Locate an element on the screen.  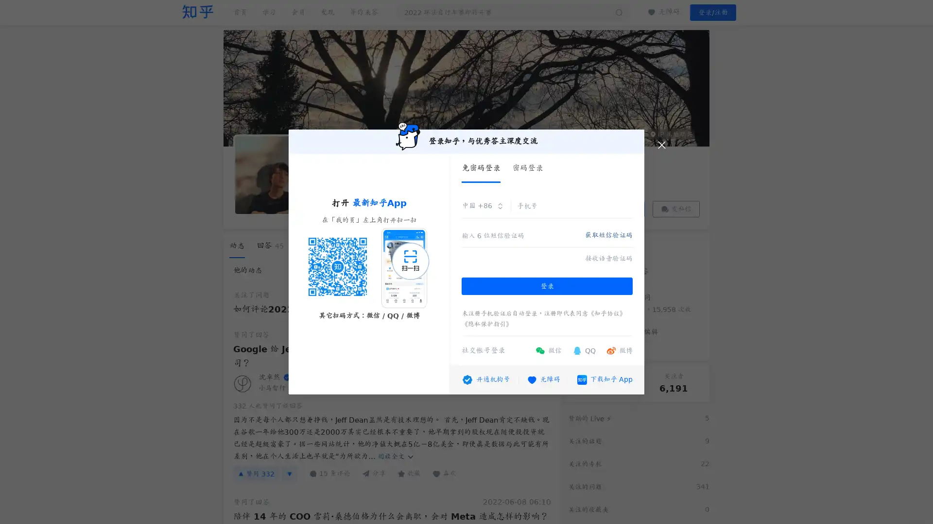
332 is located at coordinates (257, 473).